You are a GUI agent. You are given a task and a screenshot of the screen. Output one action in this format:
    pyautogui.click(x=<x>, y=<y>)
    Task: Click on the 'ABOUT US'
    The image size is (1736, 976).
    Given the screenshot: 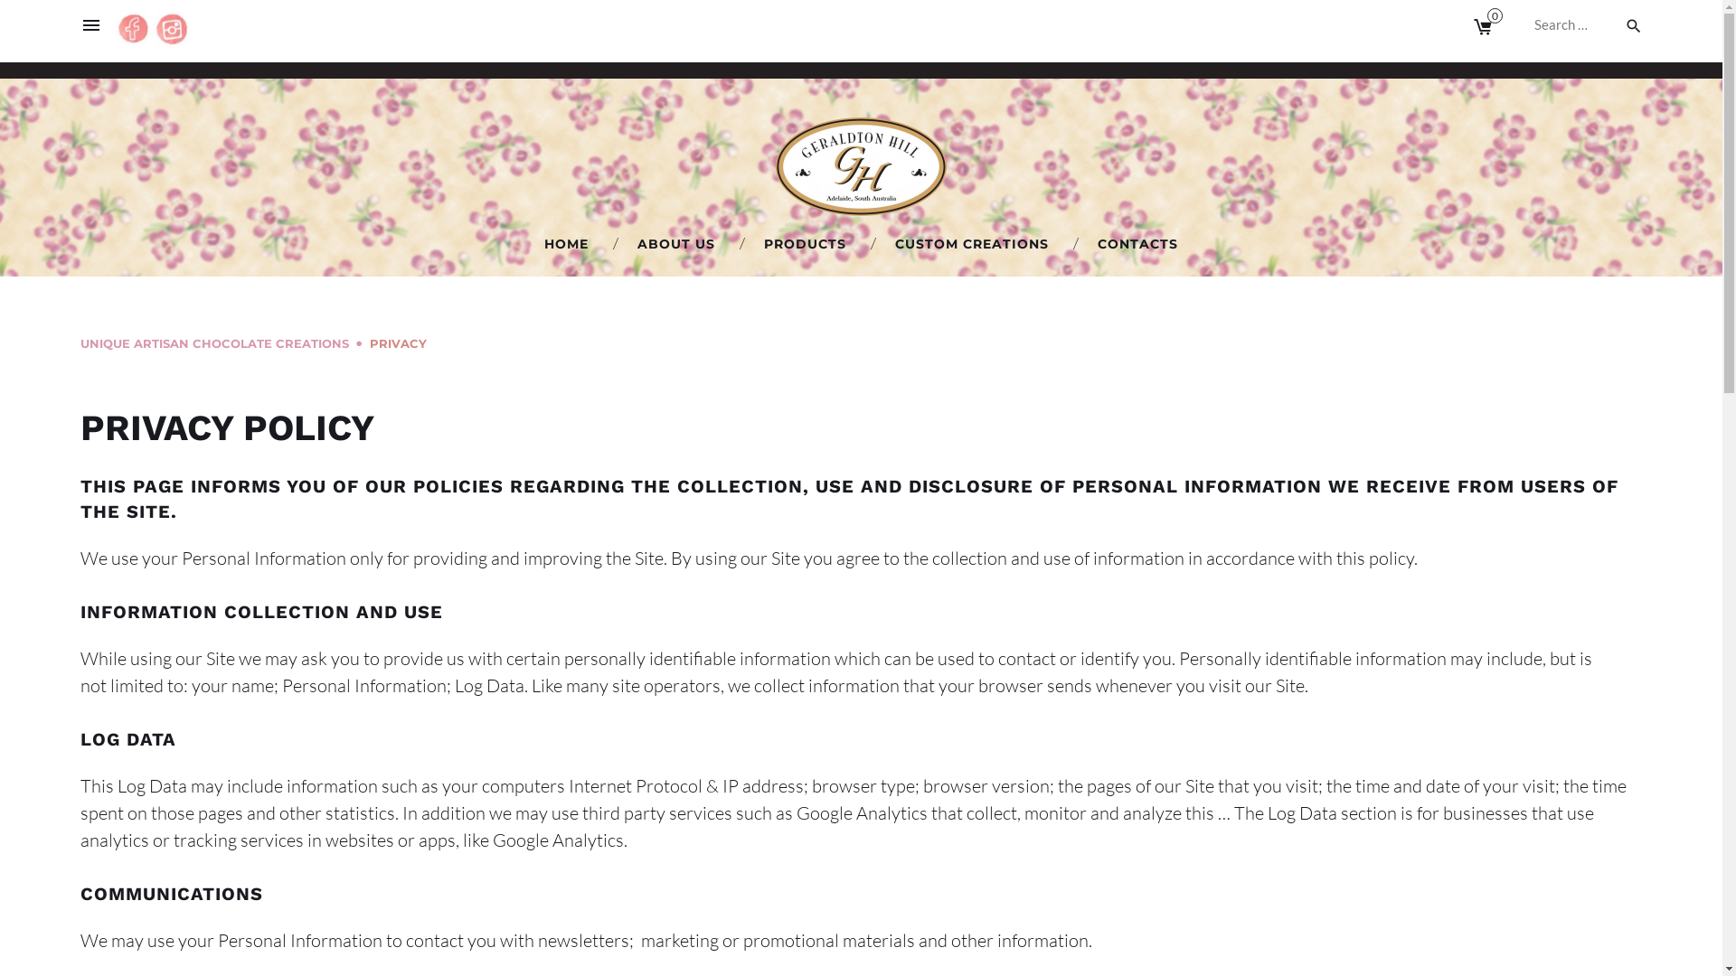 What is the action you would take?
    pyautogui.click(x=637, y=244)
    